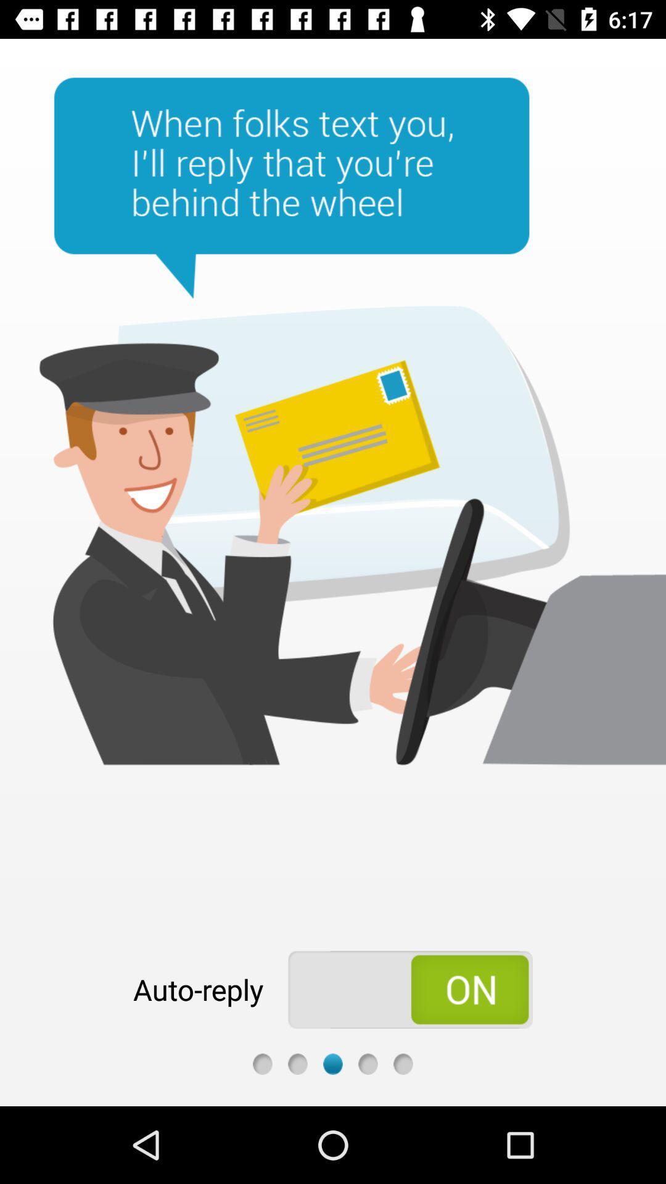 This screenshot has height=1184, width=666. What do you see at coordinates (261, 1063) in the screenshot?
I see `go back` at bounding box center [261, 1063].